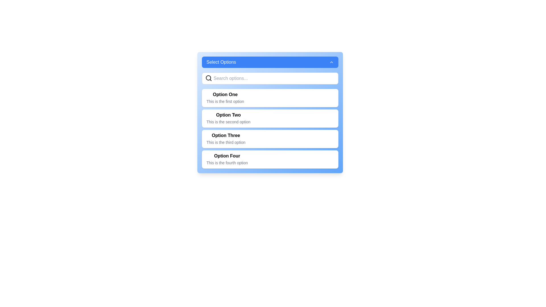 The height and width of the screenshot is (307, 546). I want to click on the selectable list item labeled 'Option Two', so click(270, 118).